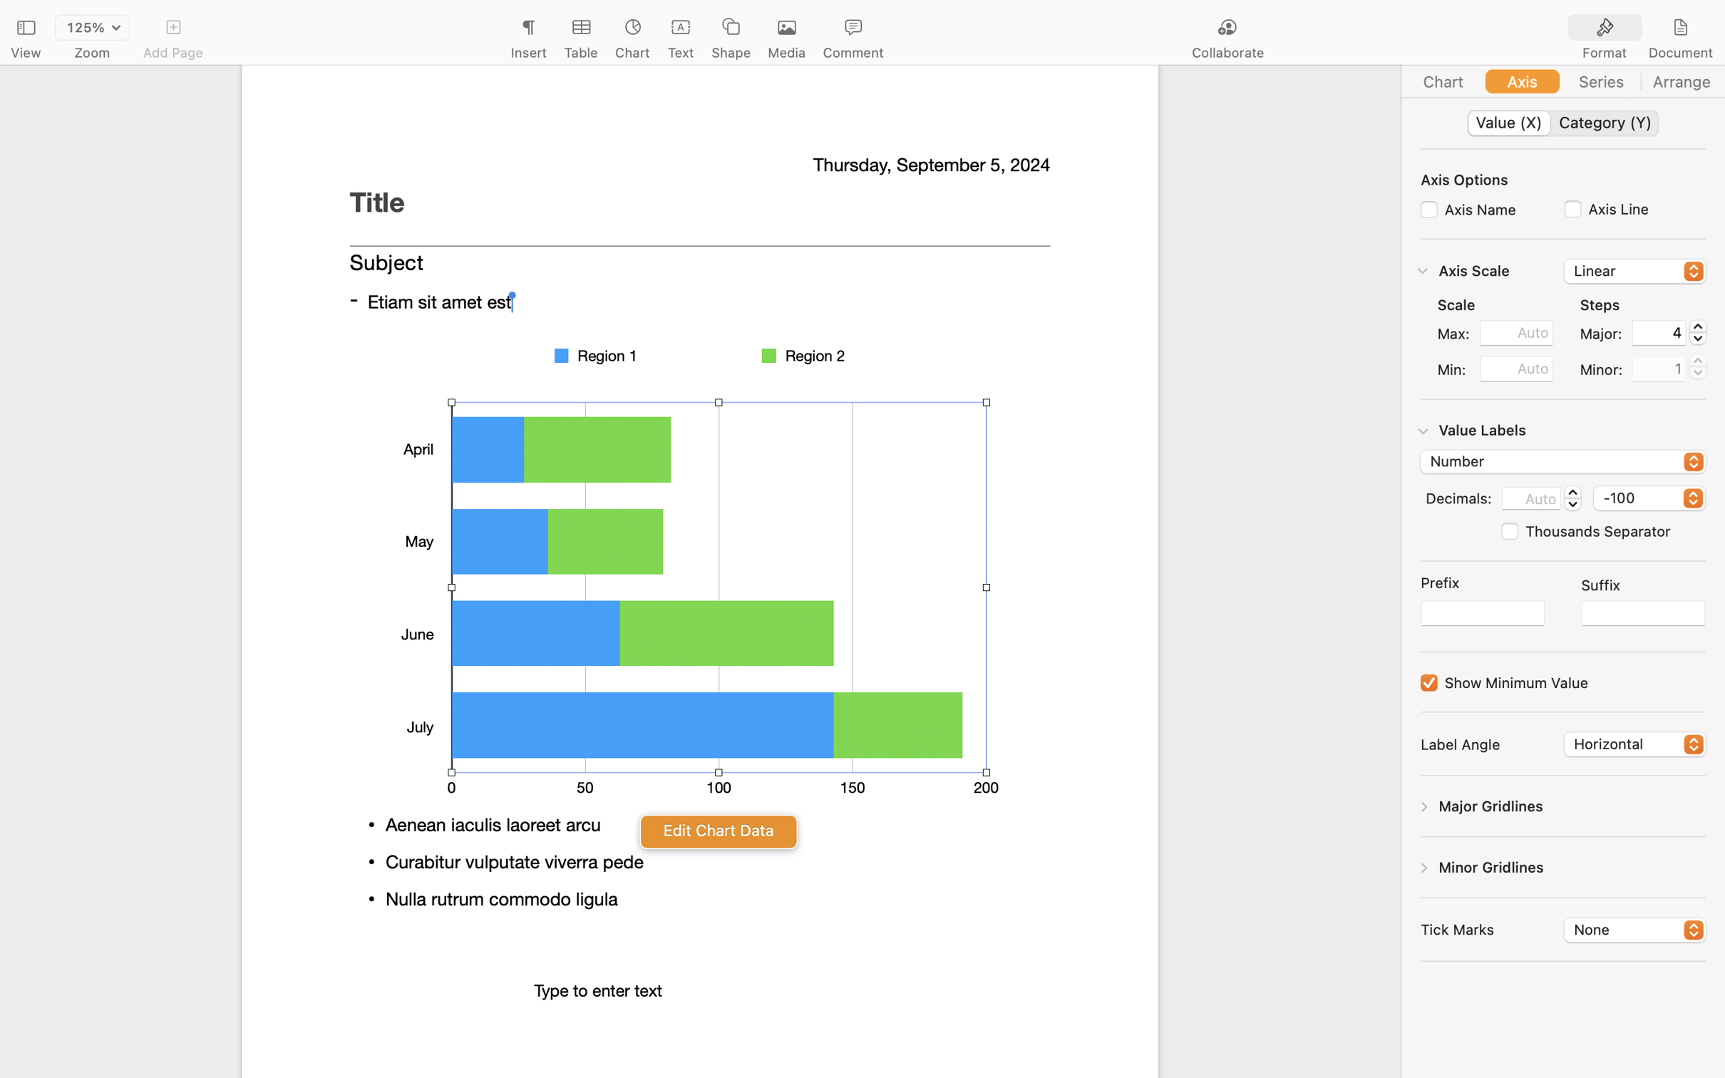  Describe the element at coordinates (1572, 496) in the screenshot. I see `'0.0'` at that location.